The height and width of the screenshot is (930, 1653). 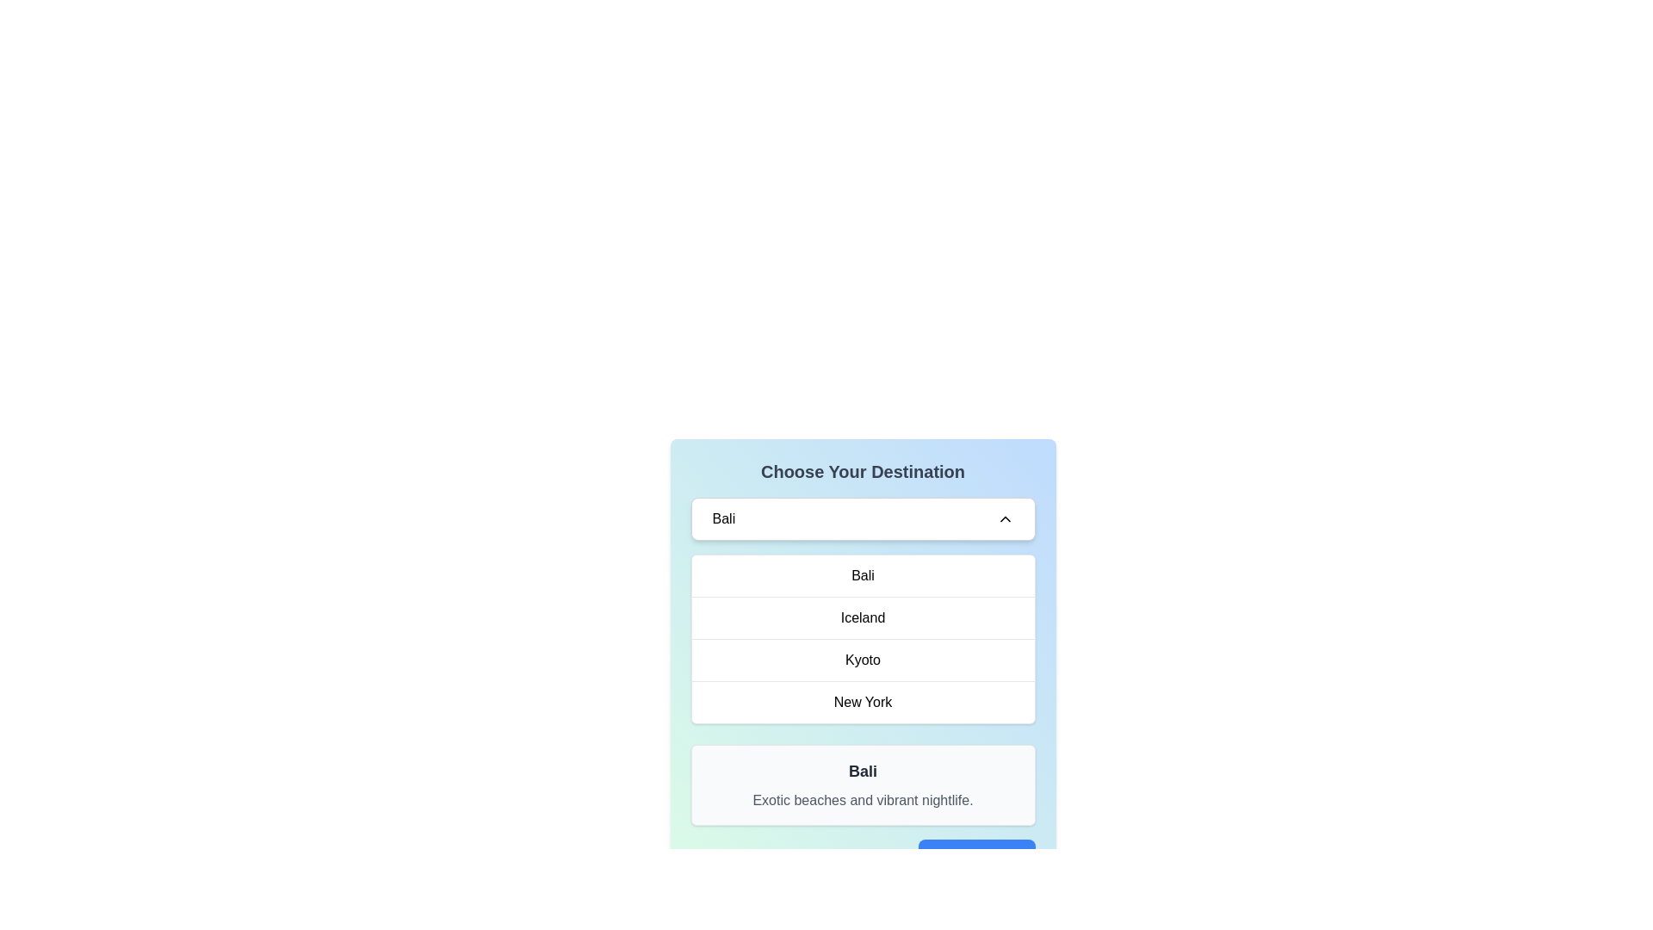 What do you see at coordinates (863, 575) in the screenshot?
I see `the text label 'Bali' which is the first item in a vertical list of four entries` at bounding box center [863, 575].